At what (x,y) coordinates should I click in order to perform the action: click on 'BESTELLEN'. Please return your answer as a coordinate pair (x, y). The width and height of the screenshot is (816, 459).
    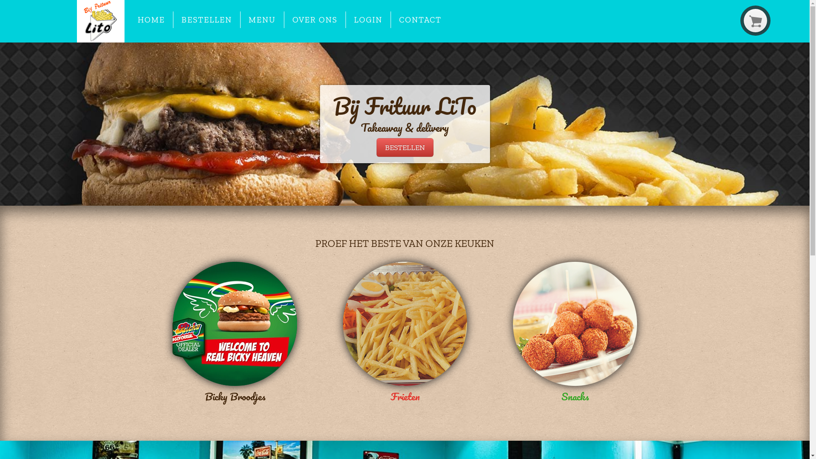
    Looking at the image, I should click on (207, 19).